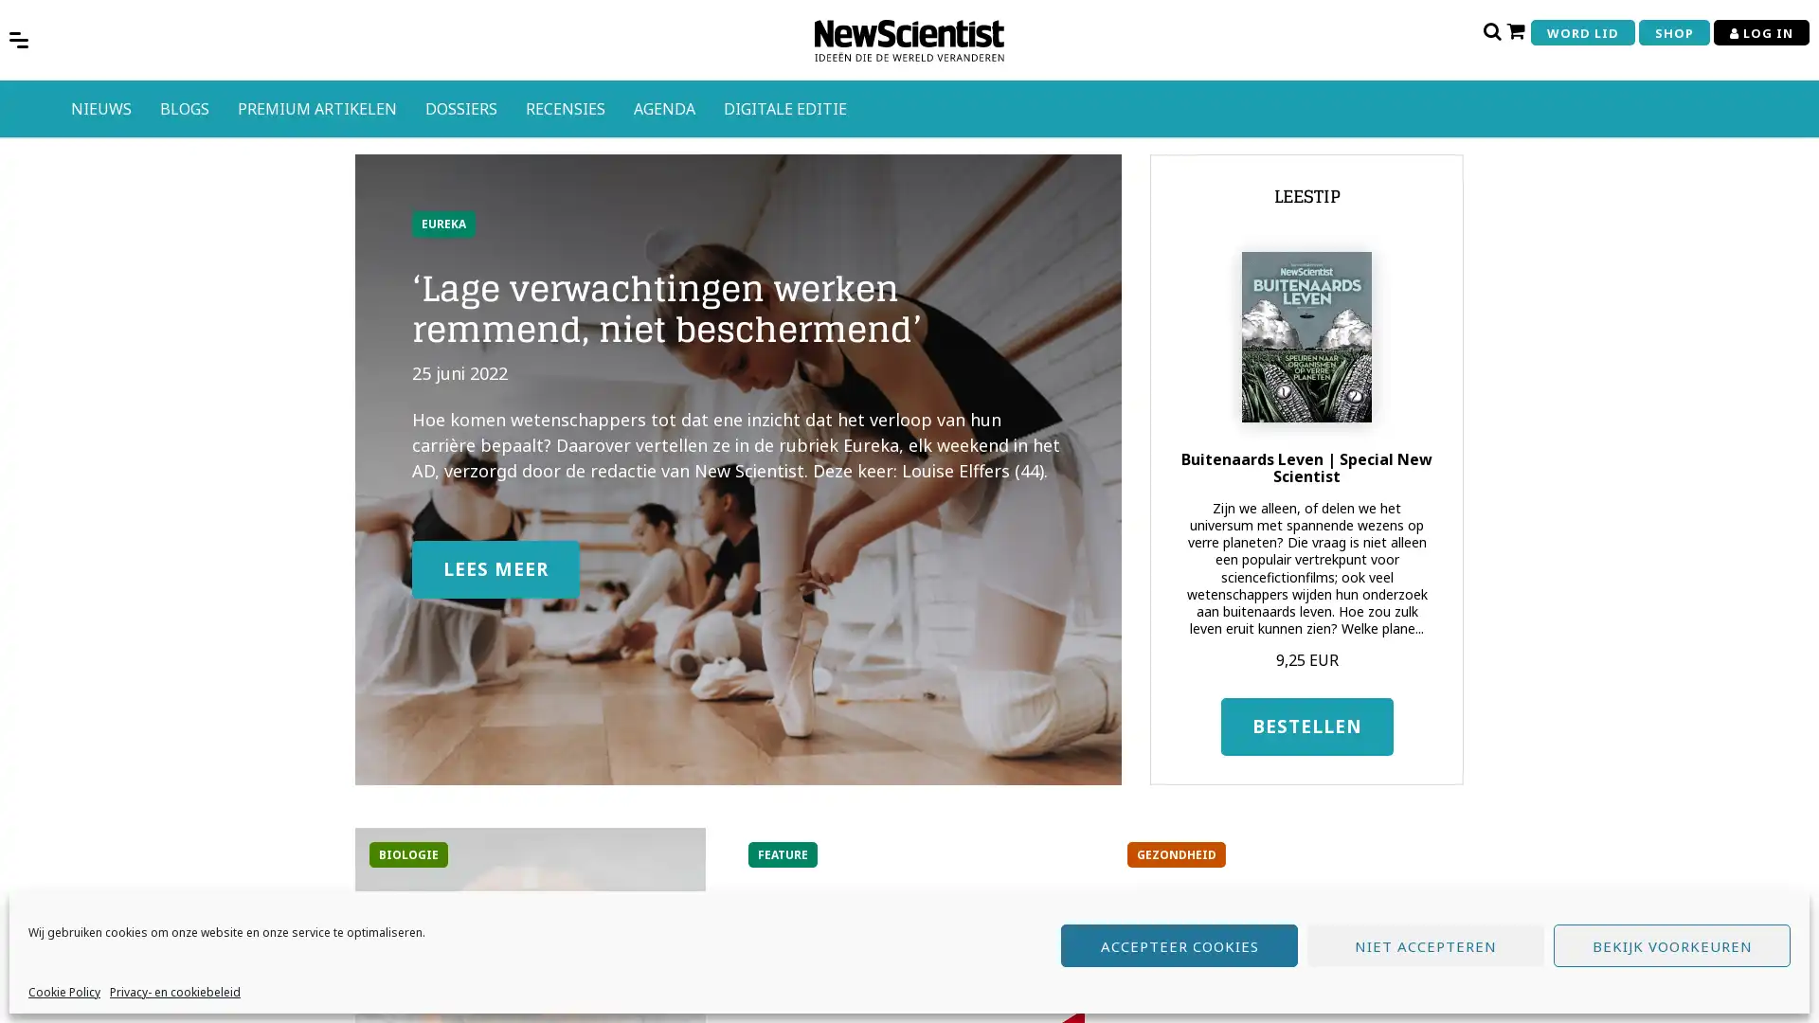 This screenshot has width=1819, height=1023. Describe the element at coordinates (1490, 30) in the screenshot. I see `Open zoekbalk` at that location.